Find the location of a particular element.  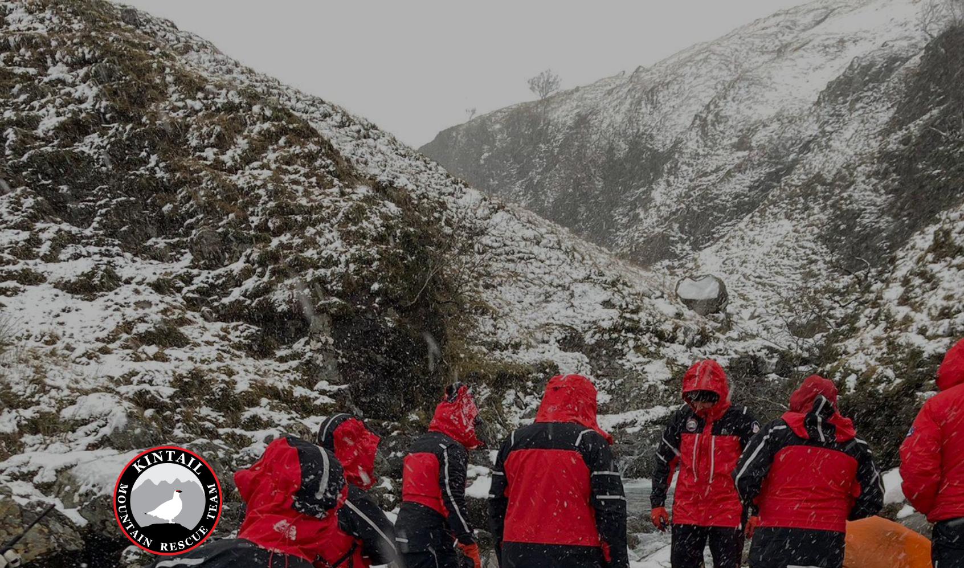

'Discount membership for MRT members at The Ledge Climbing Gym, Inverness' is located at coordinates (383, 387).